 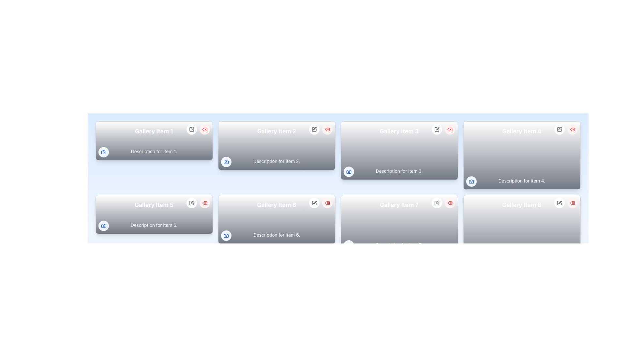 I want to click on the circular edit button with a white background and gray outline located in the top-right corner of the card labeled 'Gallery Item 5', so click(x=191, y=203).